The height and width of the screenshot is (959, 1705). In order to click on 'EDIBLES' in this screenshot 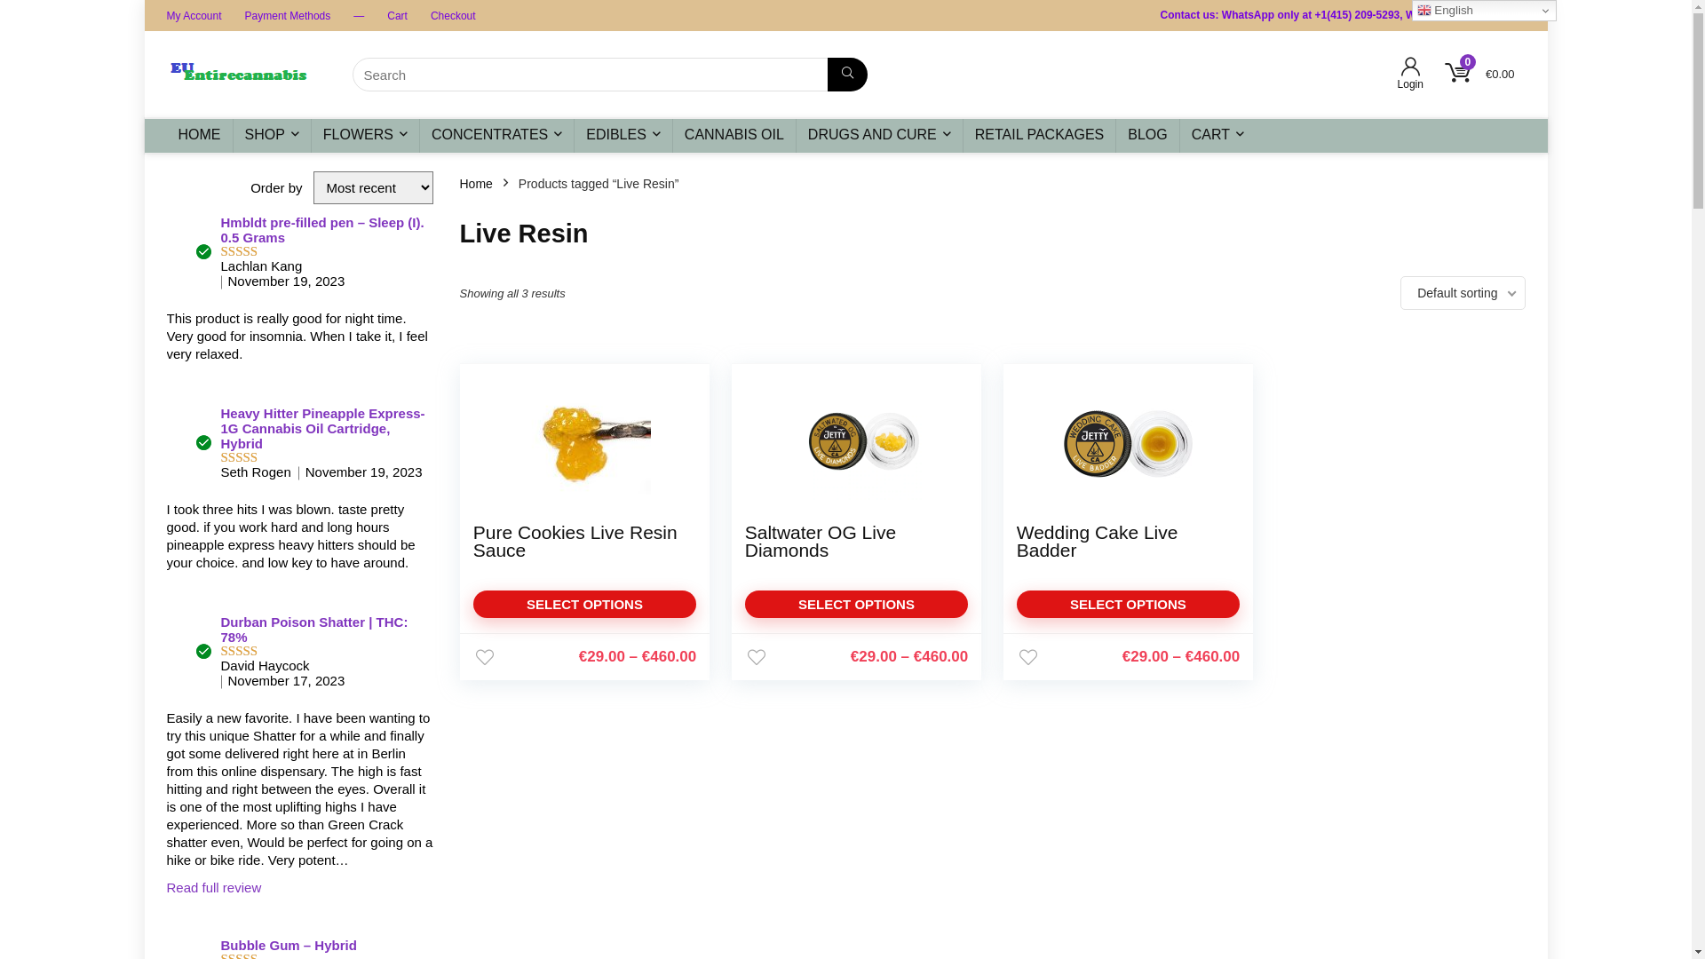, I will do `click(623, 135)`.